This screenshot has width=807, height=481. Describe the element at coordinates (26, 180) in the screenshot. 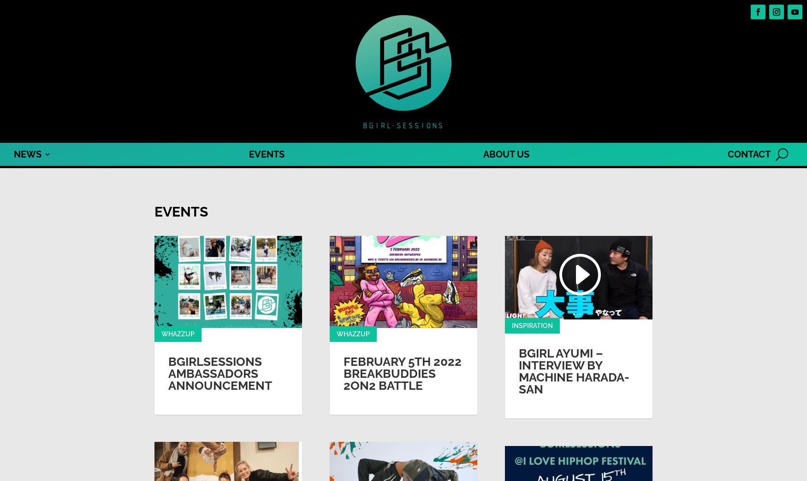

I see `'Footage'` at that location.